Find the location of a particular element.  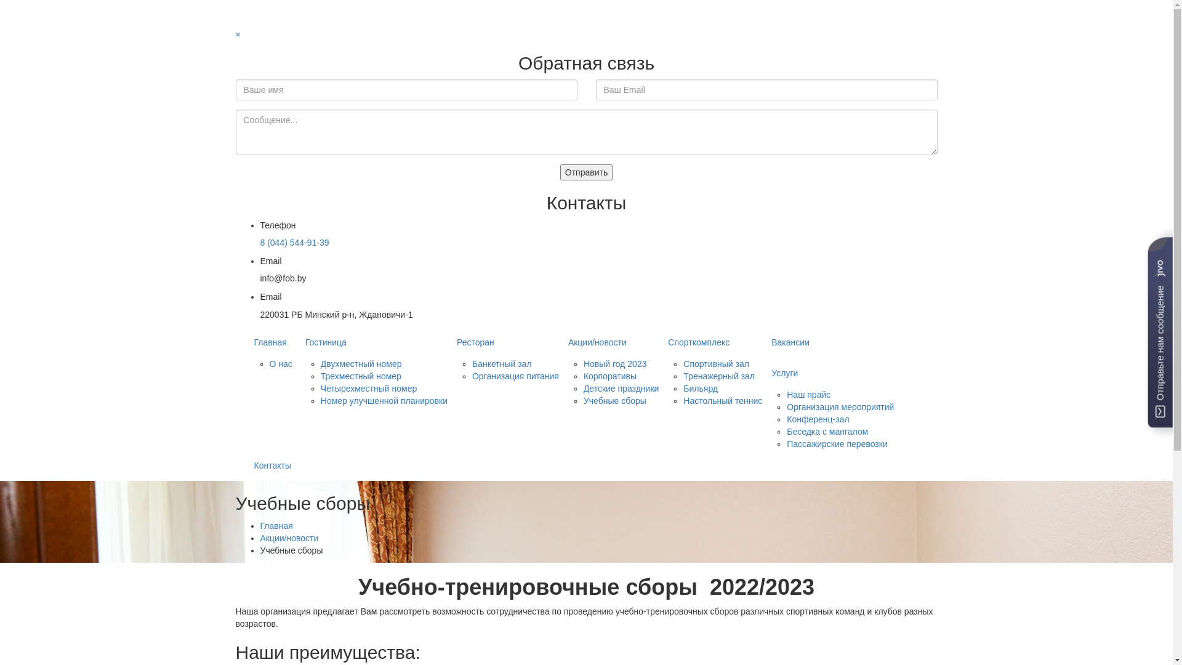

'8 (044) 544-91-39' is located at coordinates (294, 242).